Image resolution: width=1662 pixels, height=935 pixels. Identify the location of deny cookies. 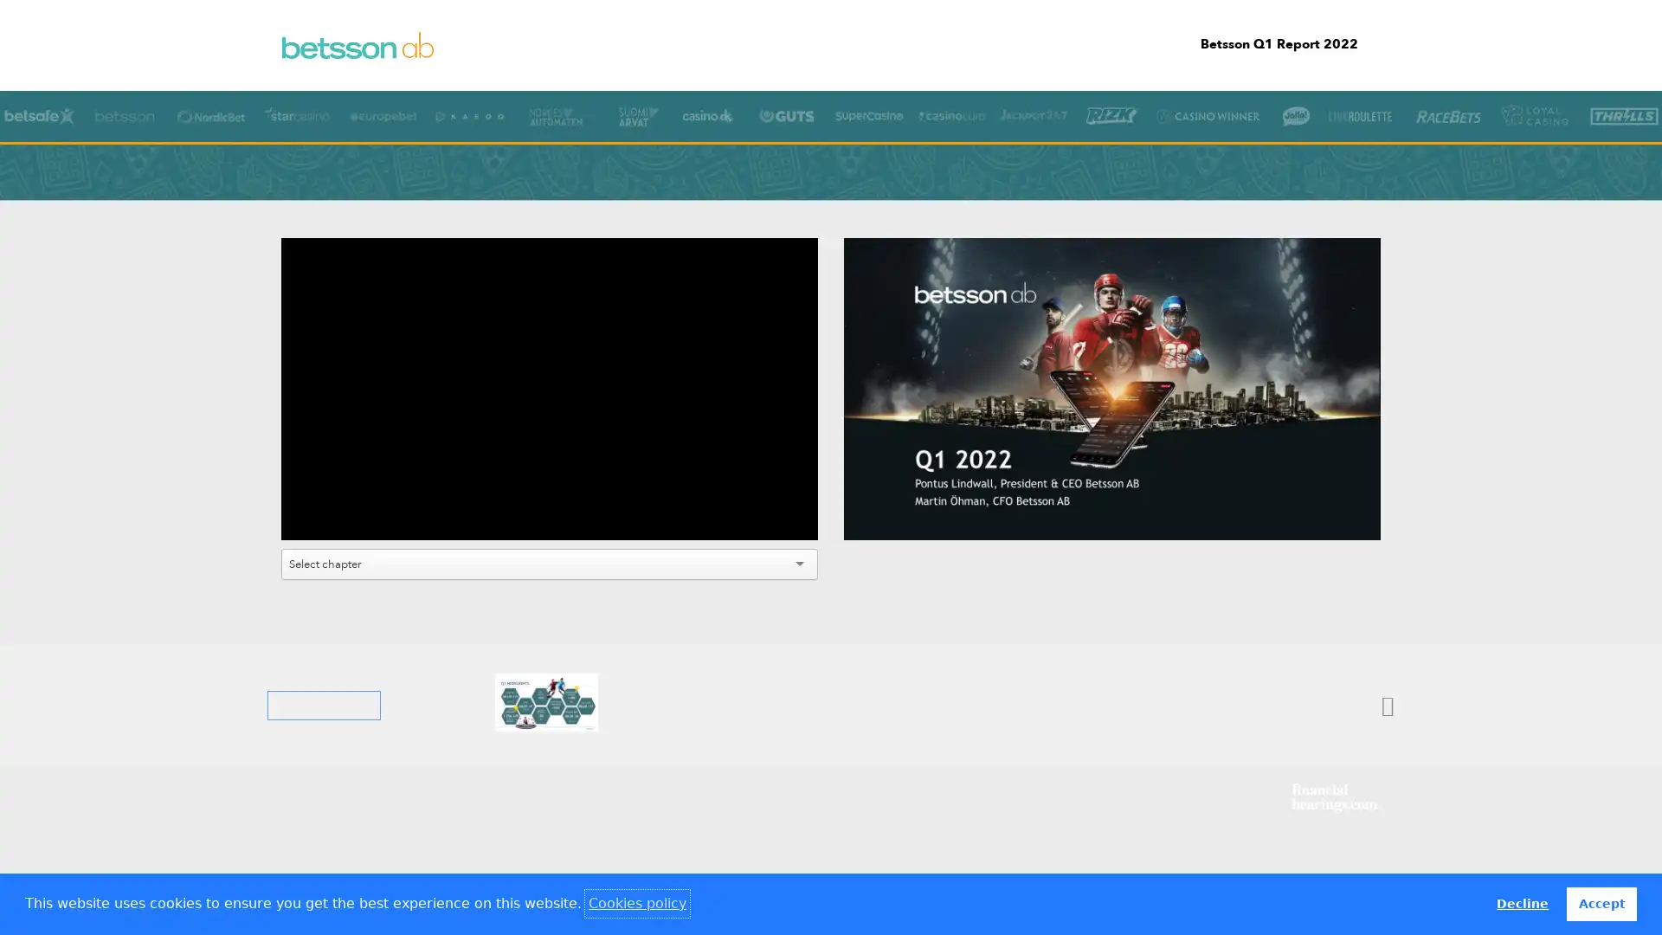
(1521, 903).